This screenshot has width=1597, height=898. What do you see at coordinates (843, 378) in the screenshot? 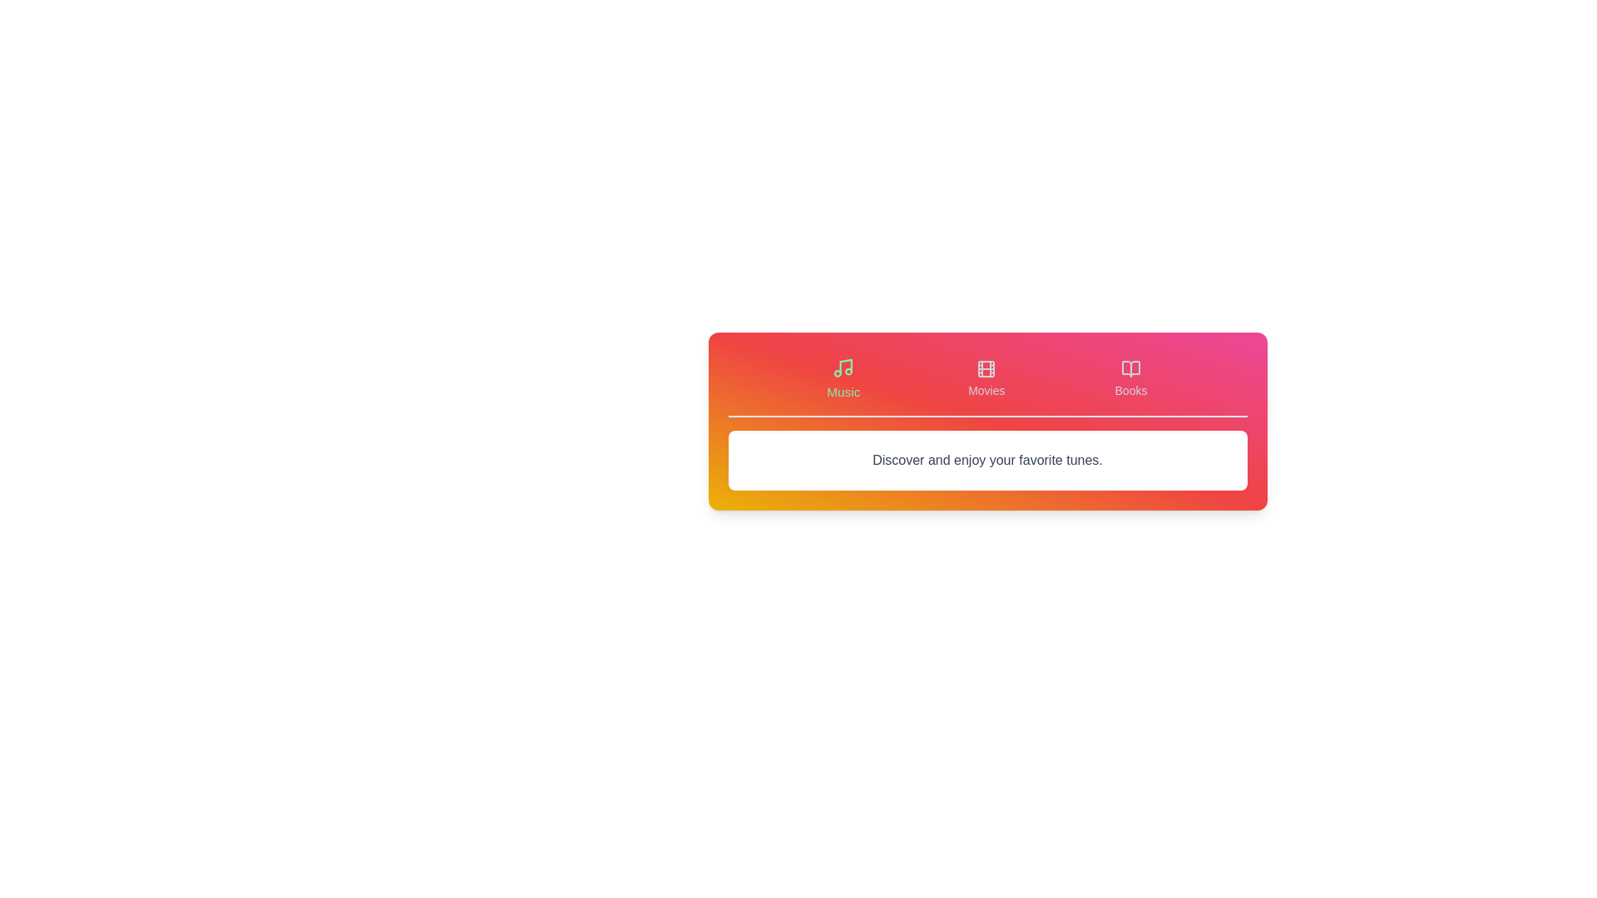
I see `the Music tab to observe its hover effect` at bounding box center [843, 378].